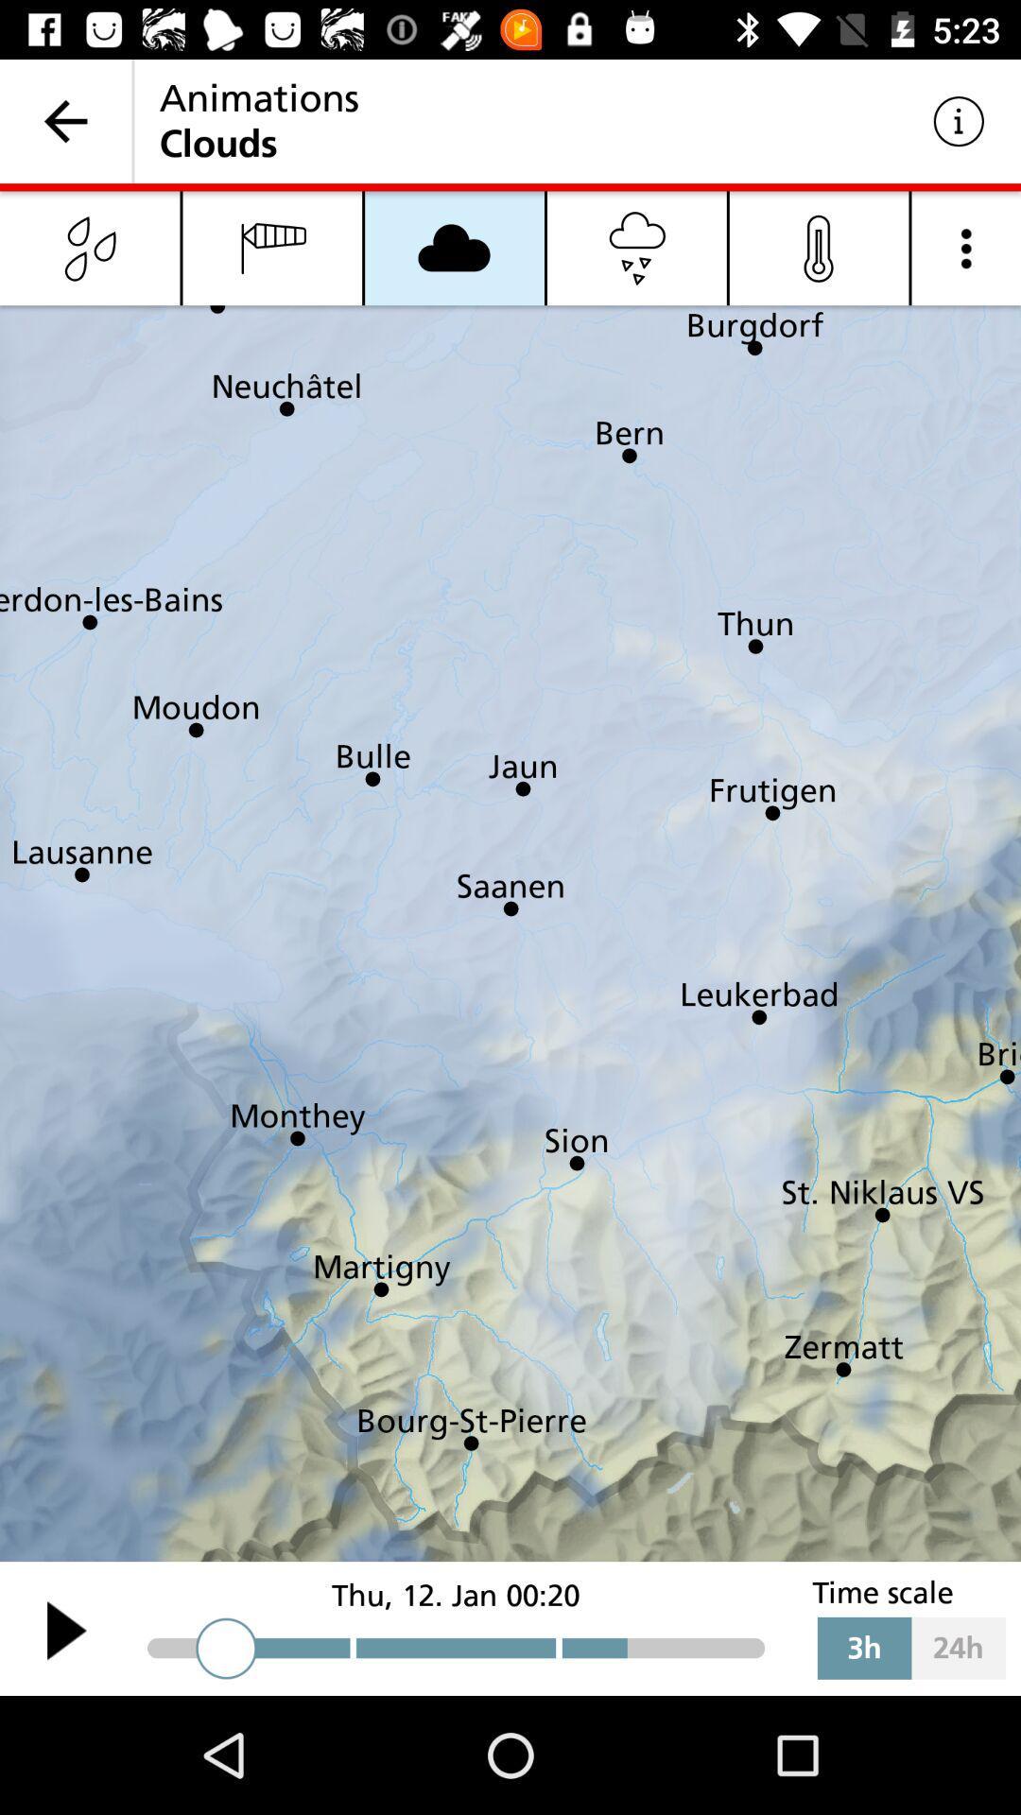 The image size is (1021, 1815). Describe the element at coordinates (966, 247) in the screenshot. I see `show additional options` at that location.